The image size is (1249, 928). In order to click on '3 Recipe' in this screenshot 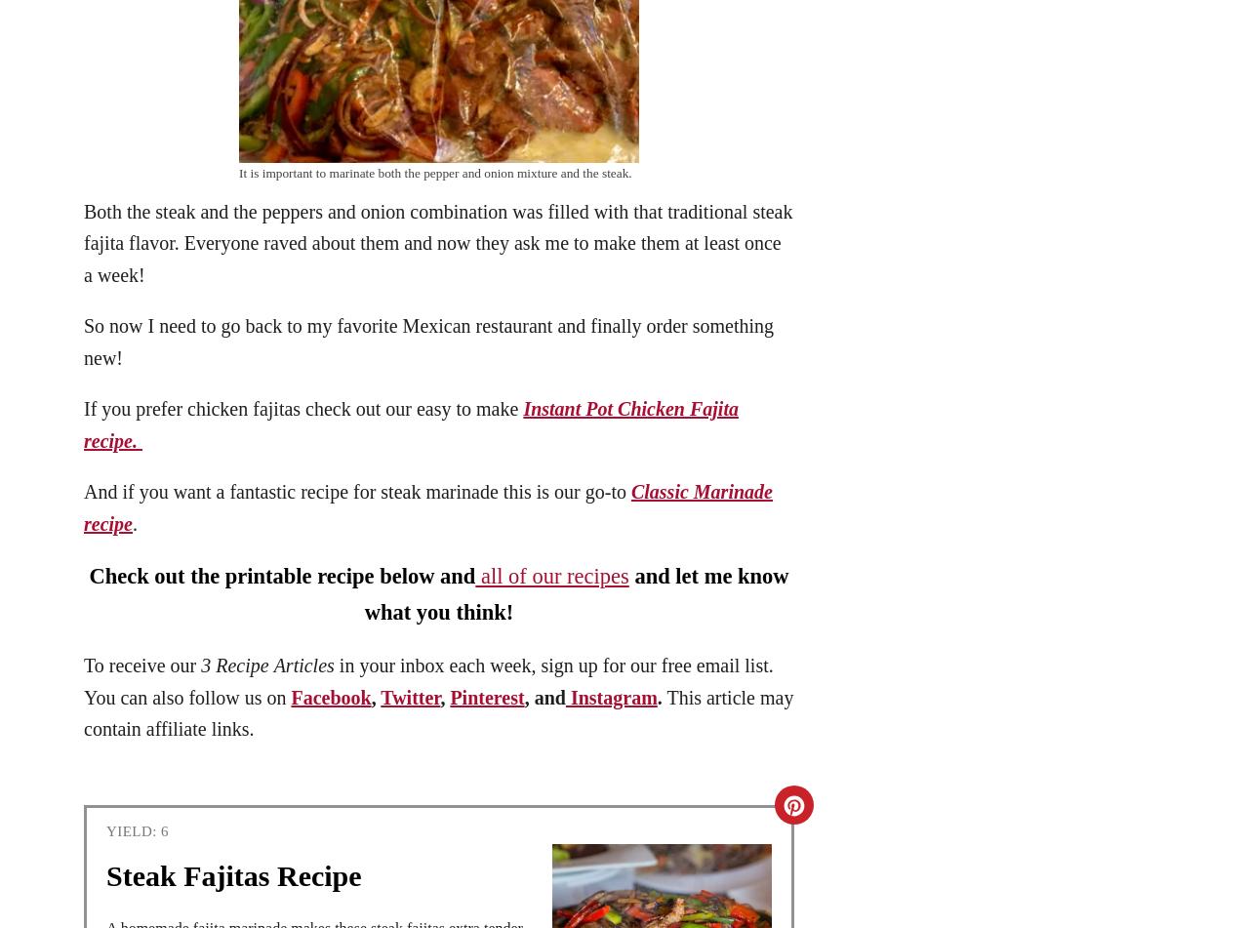, I will do `click(234, 664)`.